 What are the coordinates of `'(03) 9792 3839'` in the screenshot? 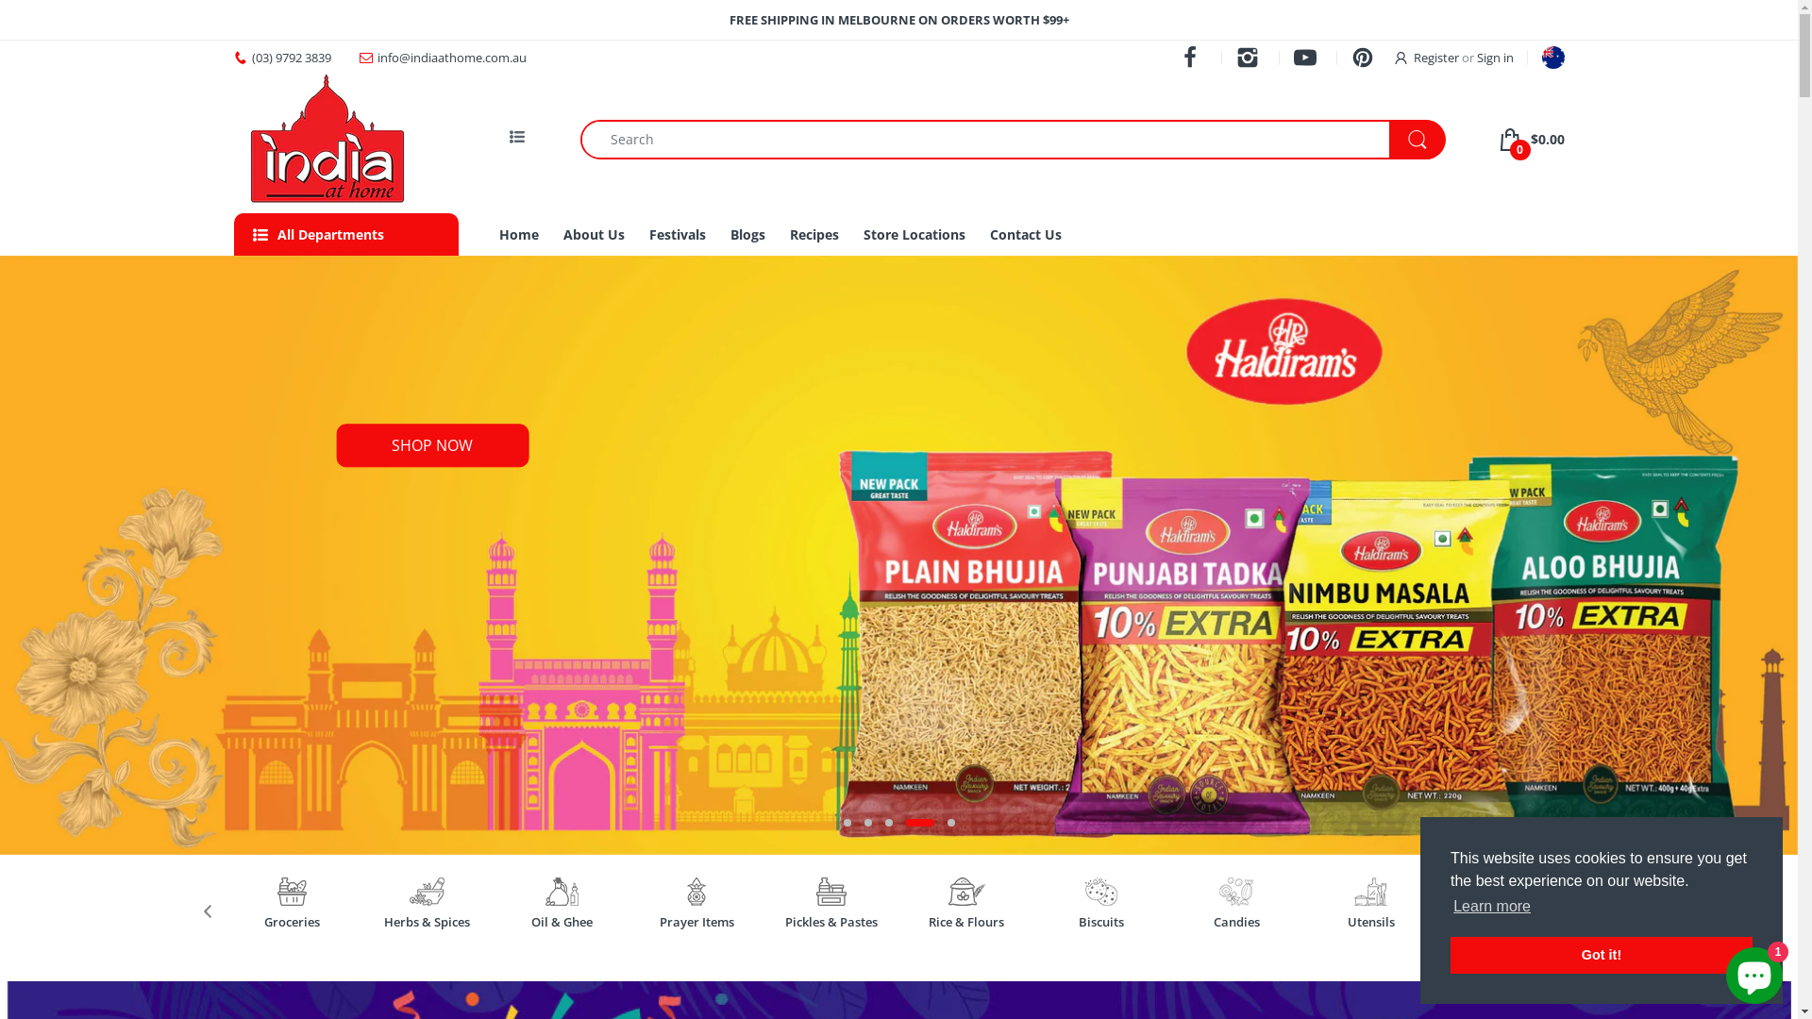 It's located at (289, 57).